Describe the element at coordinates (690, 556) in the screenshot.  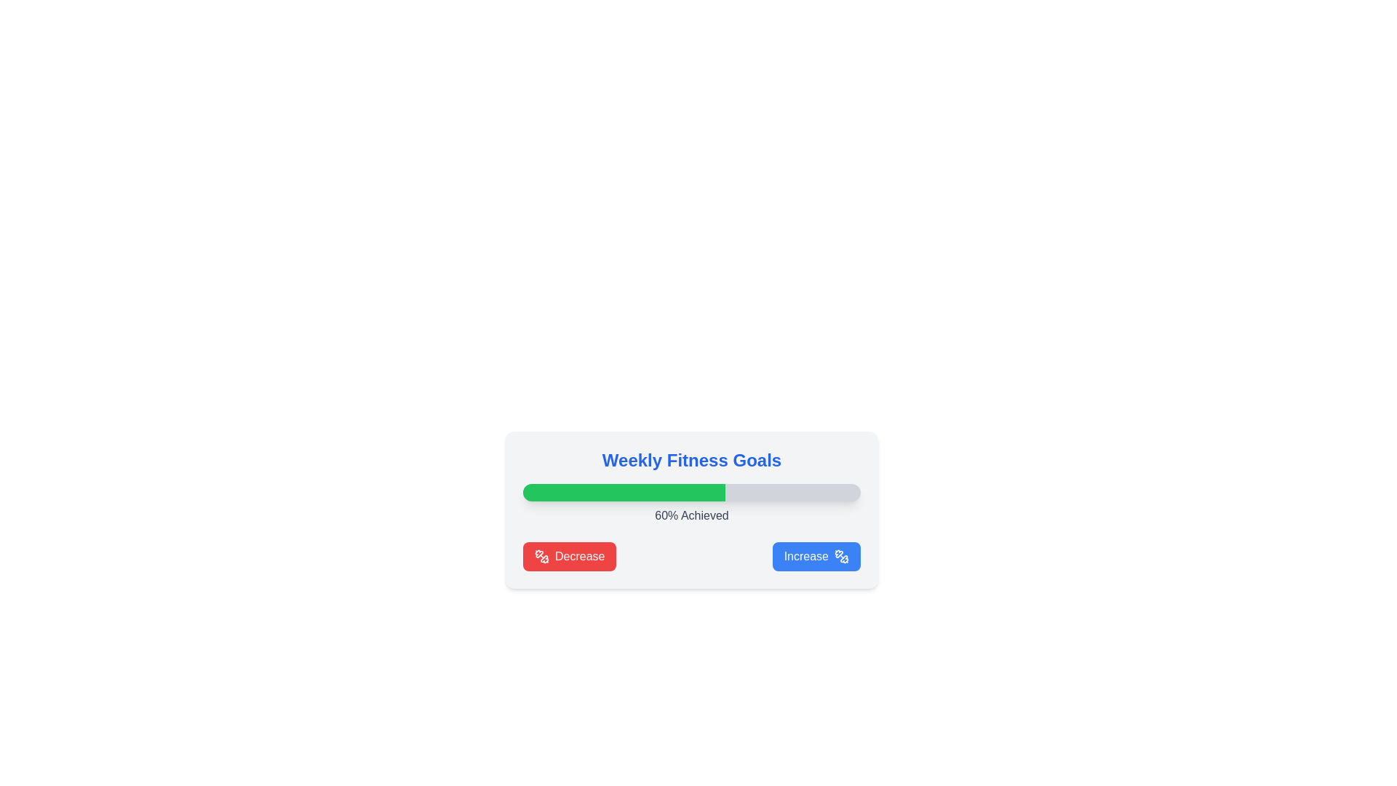
I see `the Interactive button group containing 'Decrease' and 'Increase' buttons` at that location.